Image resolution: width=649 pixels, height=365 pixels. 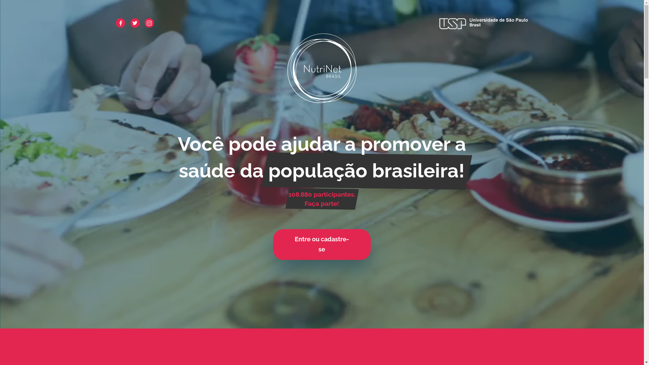 I want to click on 'facebook', so click(x=120, y=22).